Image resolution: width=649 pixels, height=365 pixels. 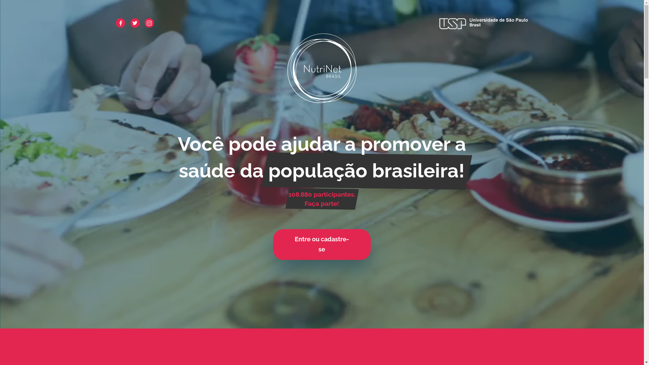 I want to click on 'facebook', so click(x=120, y=22).